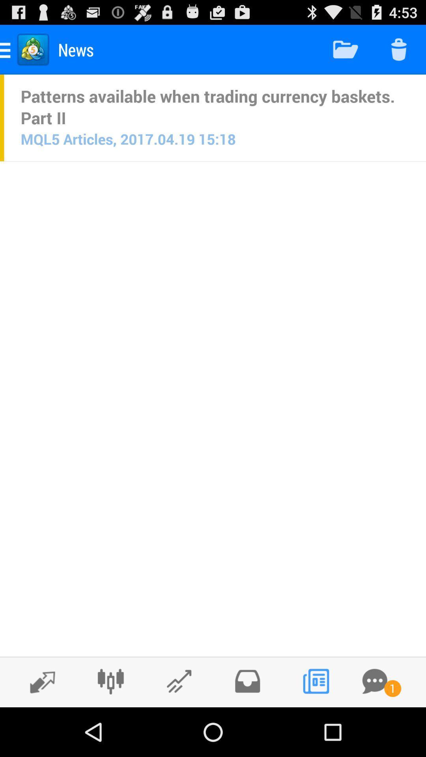 Image resolution: width=426 pixels, height=757 pixels. I want to click on open folder, so click(247, 681).